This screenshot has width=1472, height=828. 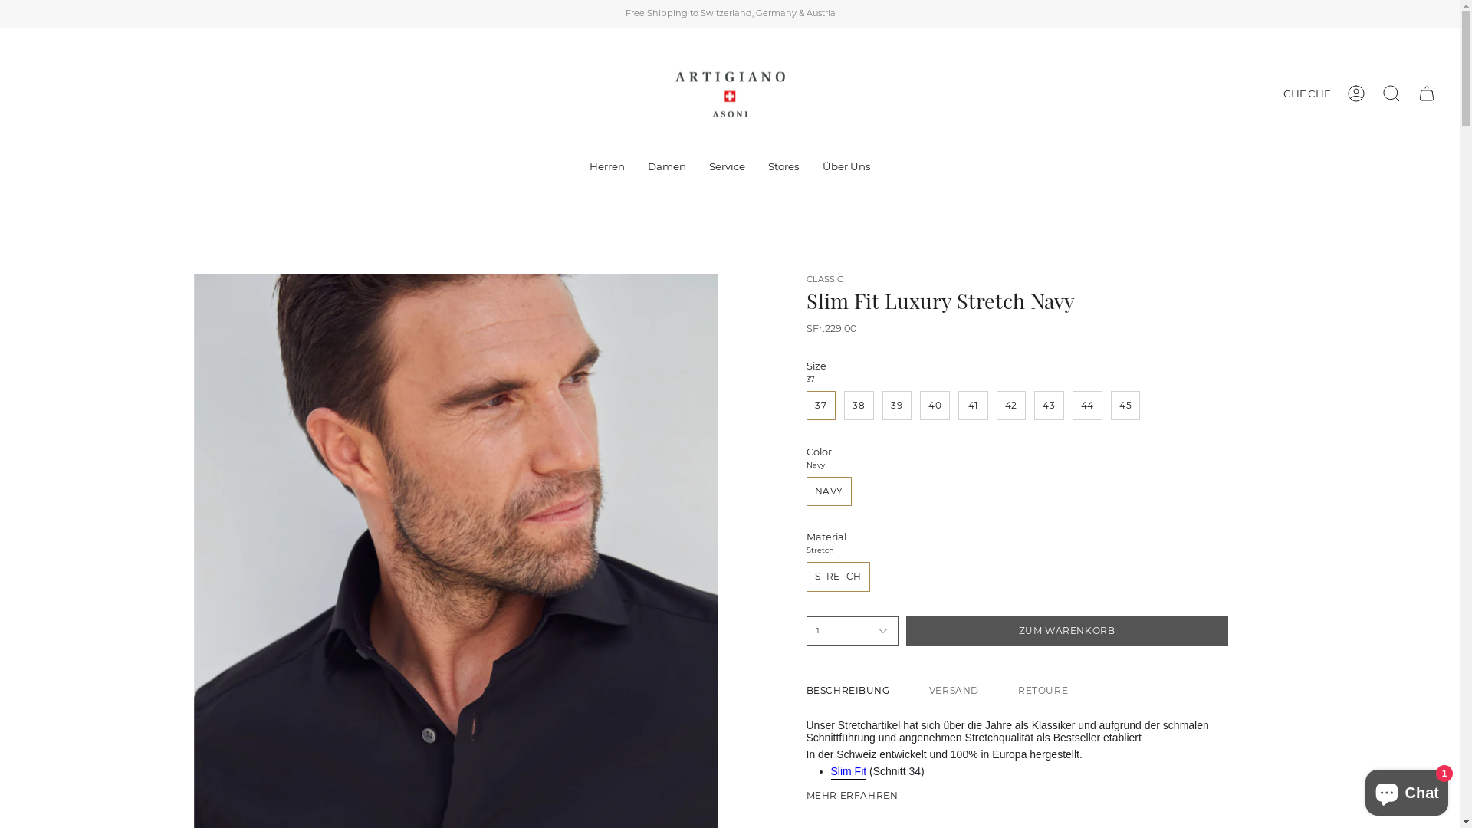 I want to click on '1', so click(x=852, y=631).